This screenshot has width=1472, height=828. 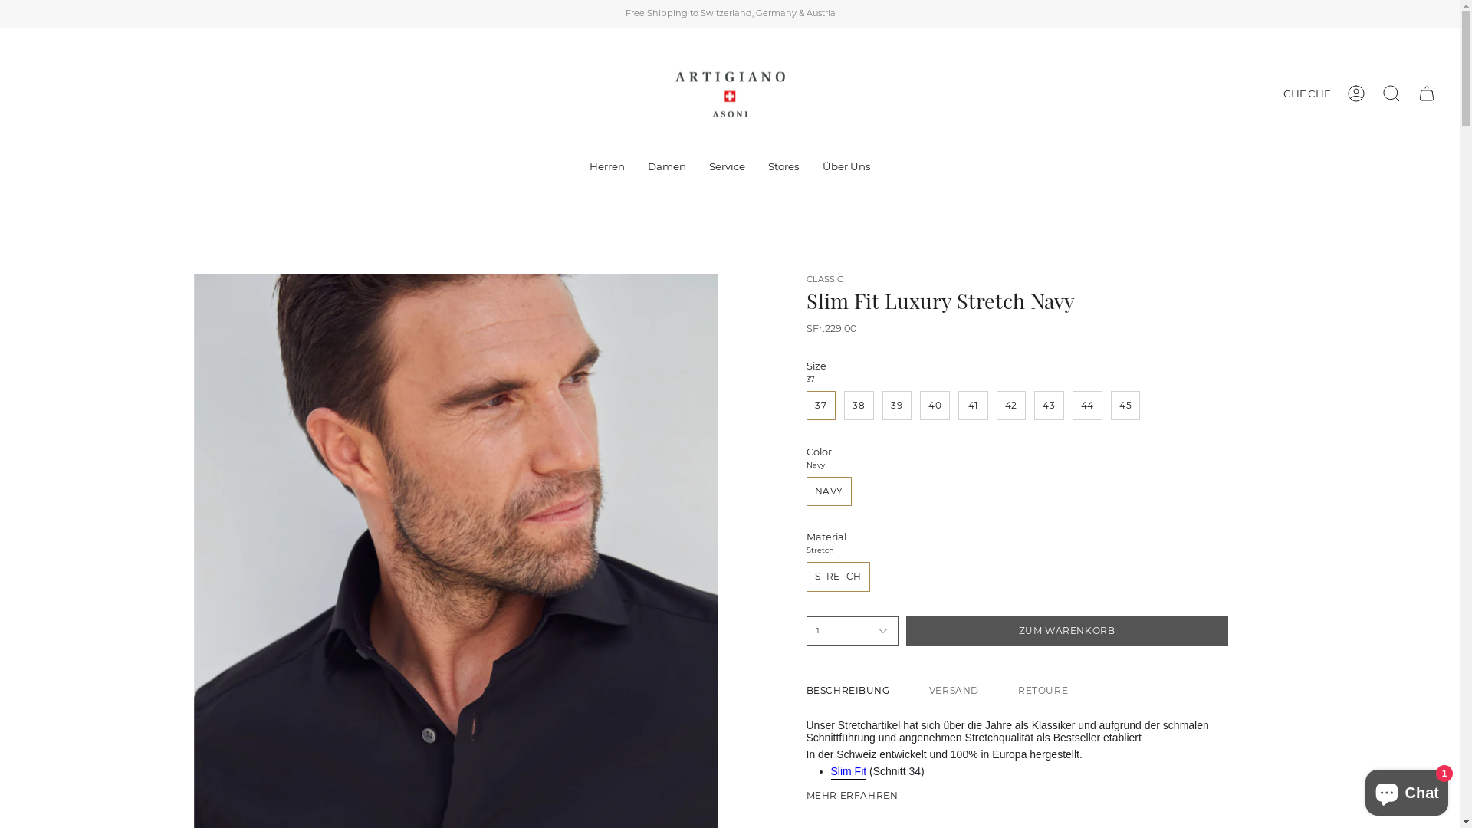 I want to click on '1', so click(x=852, y=631).